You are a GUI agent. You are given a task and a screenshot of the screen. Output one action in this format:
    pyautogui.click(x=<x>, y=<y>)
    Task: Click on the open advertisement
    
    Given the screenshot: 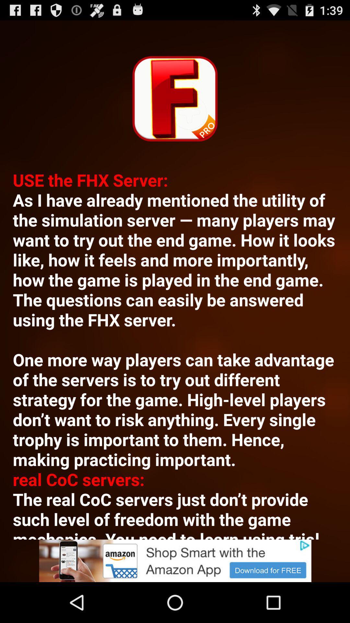 What is the action you would take?
    pyautogui.click(x=175, y=560)
    